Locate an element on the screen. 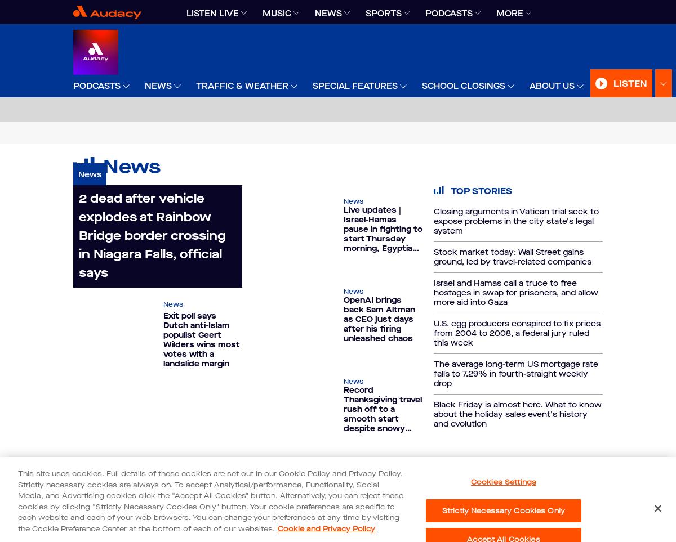  'U.S. egg producers conspired to fix prices from 2004 to 2008, a federal jury ruled this week' is located at coordinates (517, 333).